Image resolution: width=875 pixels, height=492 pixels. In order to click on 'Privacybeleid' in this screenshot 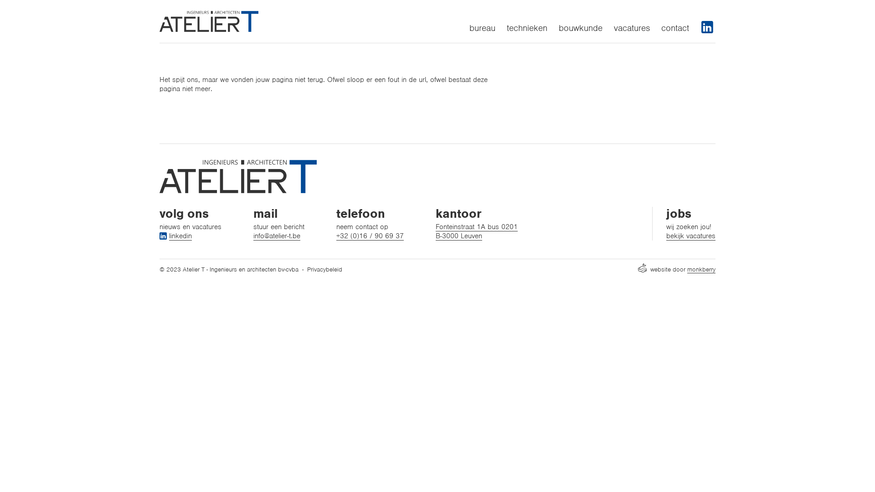, I will do `click(307, 269)`.